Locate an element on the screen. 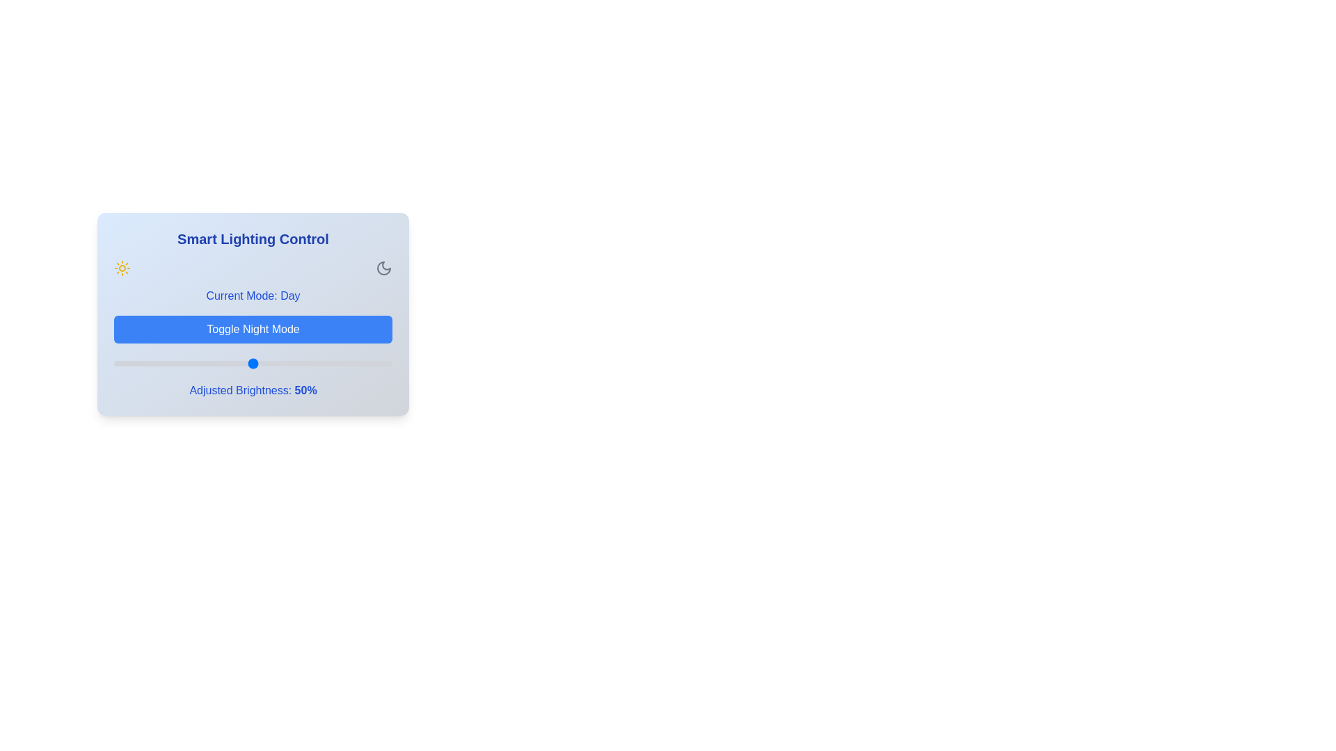 The image size is (1336, 751). the brightness level is located at coordinates (241, 363).